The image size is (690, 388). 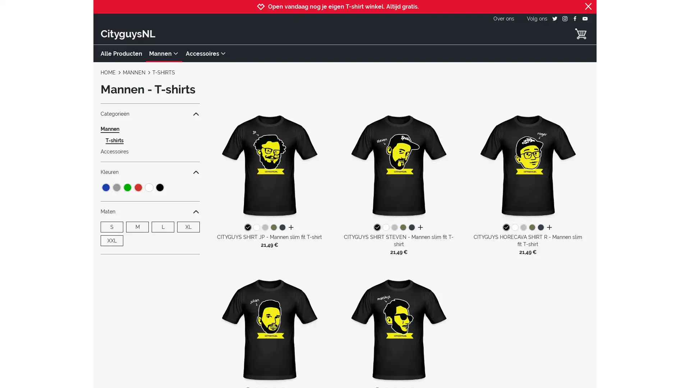 What do you see at coordinates (398, 165) in the screenshot?
I see `CITYGUYS SHIRT STEVEN - Mannen slim fit T-shirt` at bounding box center [398, 165].